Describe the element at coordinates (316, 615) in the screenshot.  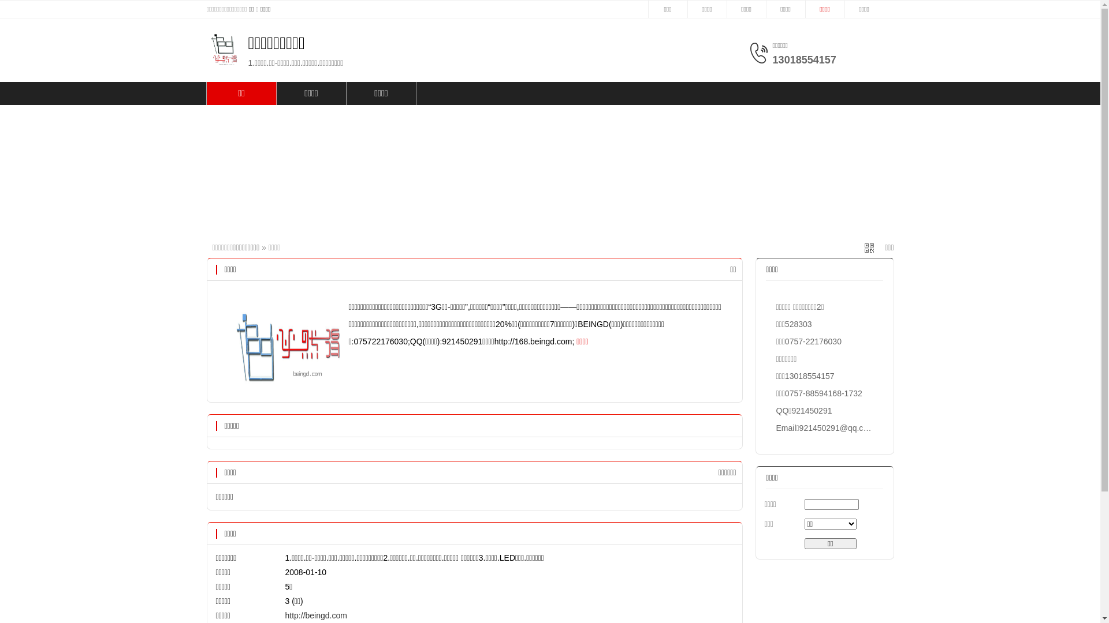
I see `'http://beingd.com'` at that location.